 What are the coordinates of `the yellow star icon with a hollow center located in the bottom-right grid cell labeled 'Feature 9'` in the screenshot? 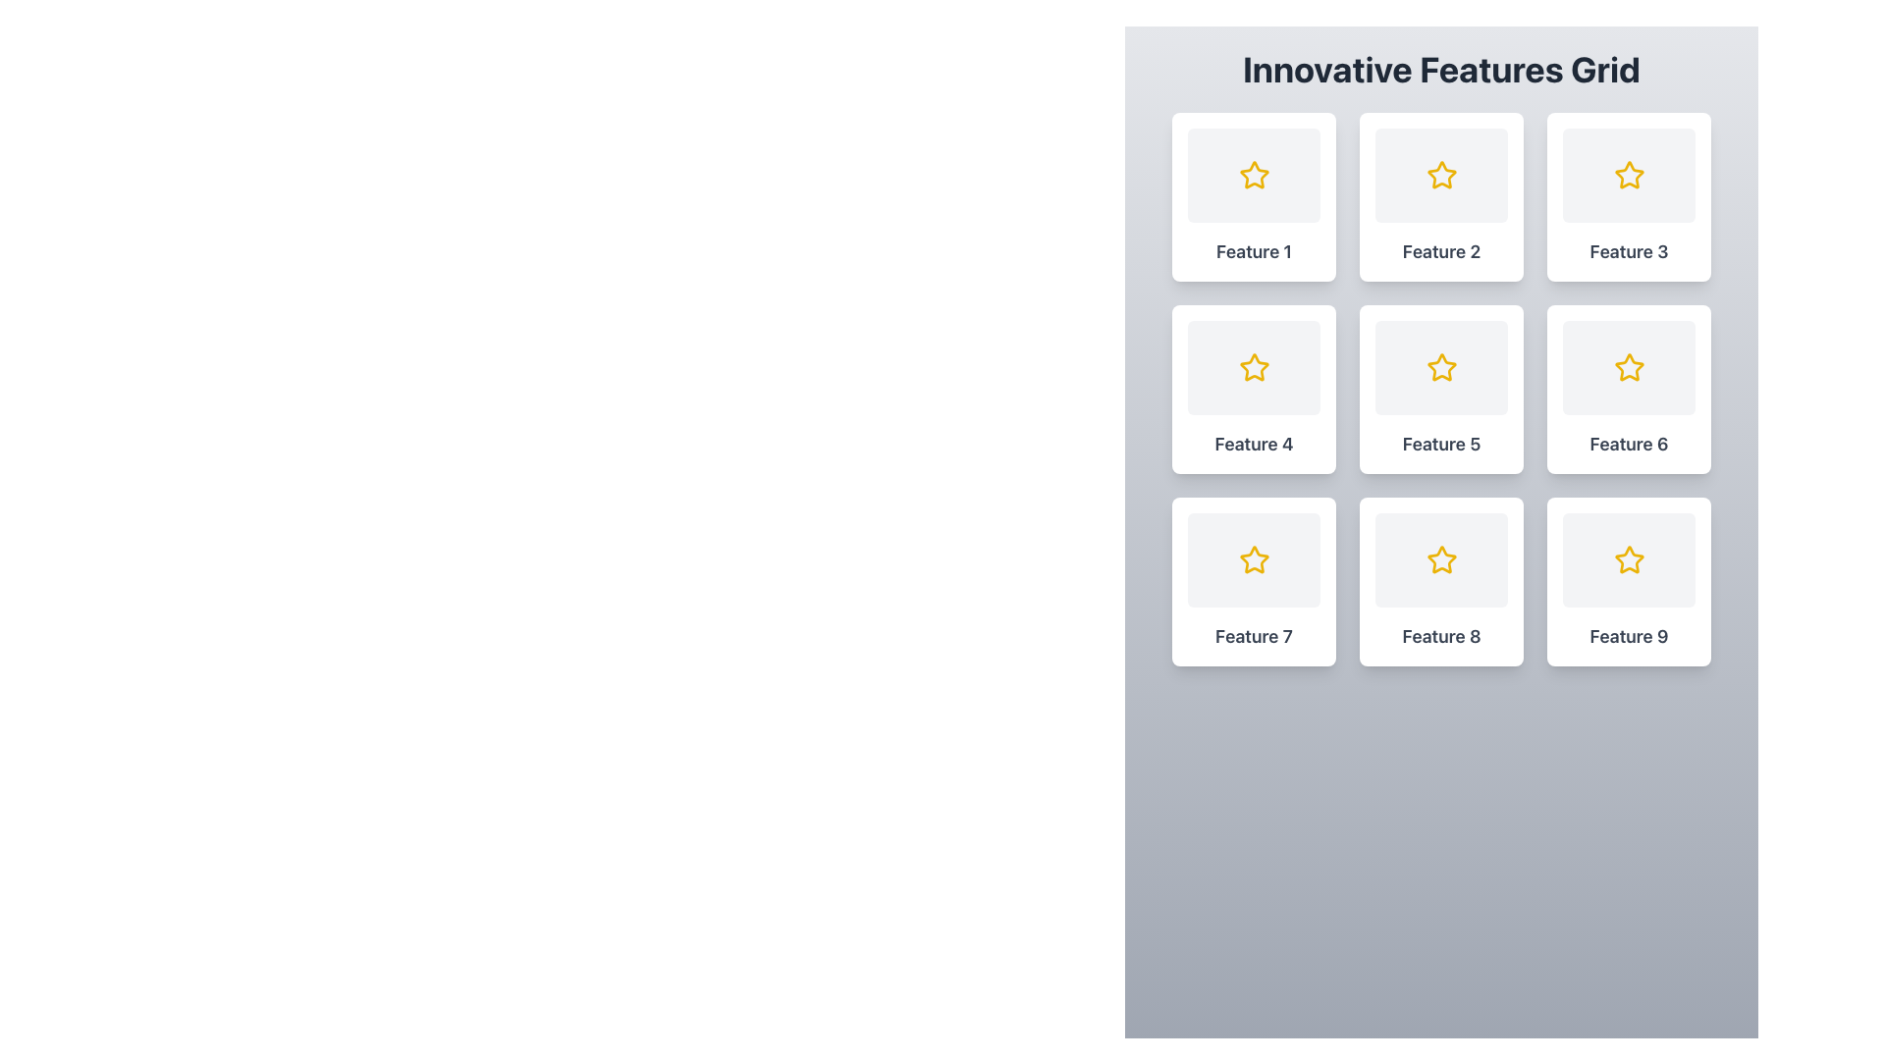 It's located at (1629, 559).